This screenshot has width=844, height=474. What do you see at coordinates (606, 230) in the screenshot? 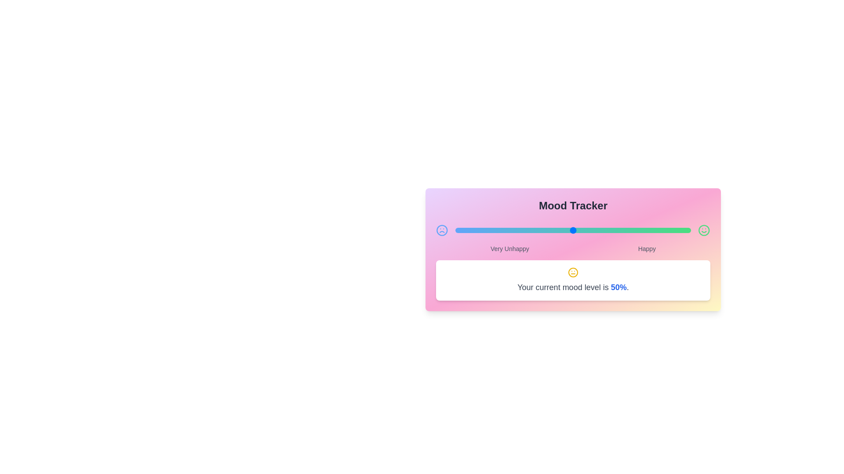
I see `the mood level to 64% using the slider` at bounding box center [606, 230].